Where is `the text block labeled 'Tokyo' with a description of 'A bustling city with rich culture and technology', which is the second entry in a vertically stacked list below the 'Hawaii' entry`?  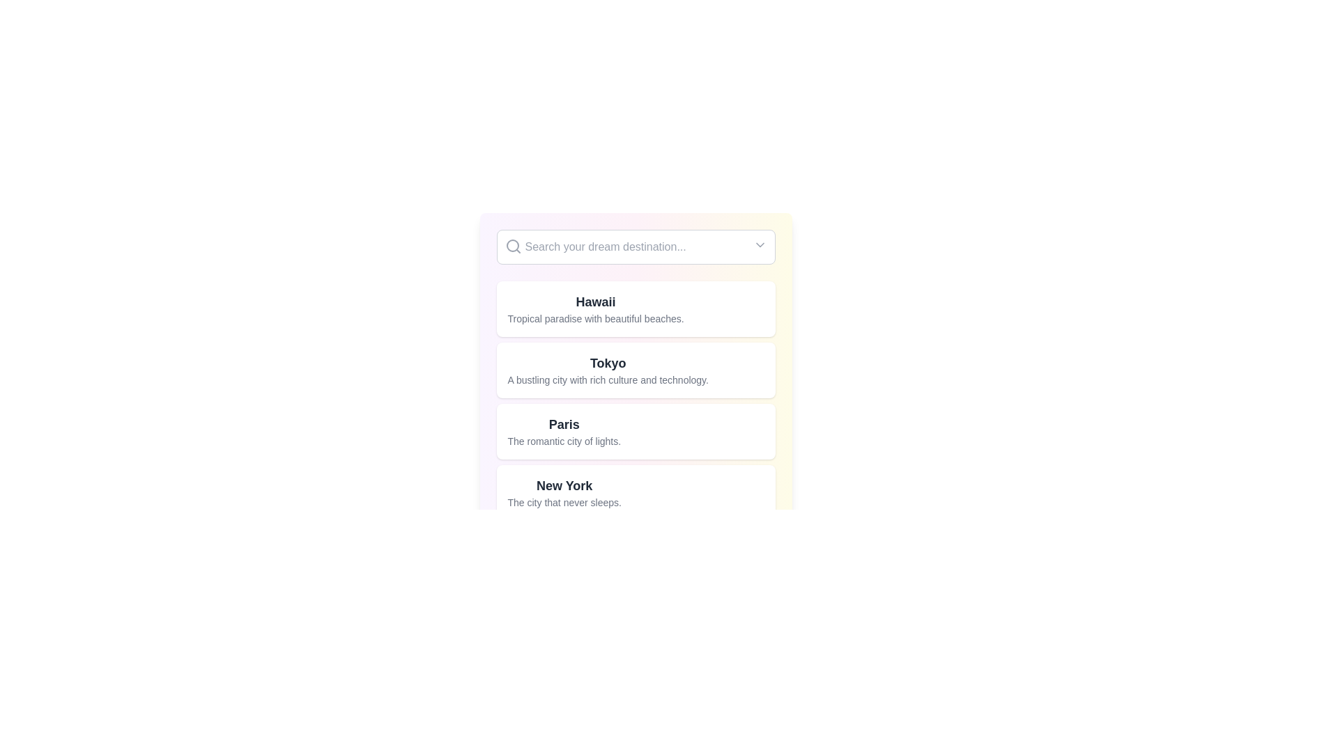 the text block labeled 'Tokyo' with a description of 'A bustling city with rich culture and technology', which is the second entry in a vertically stacked list below the 'Hawaii' entry is located at coordinates (608, 370).